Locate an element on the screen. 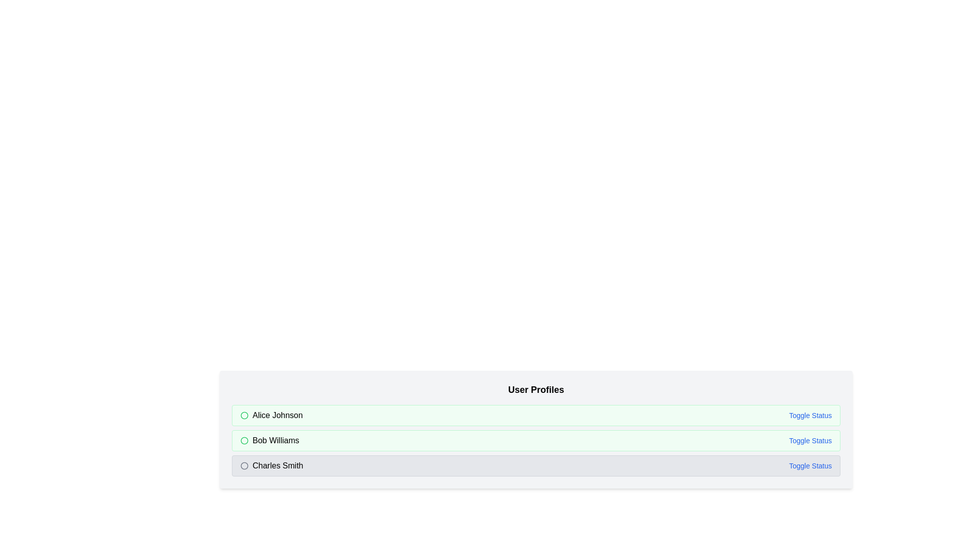 The height and width of the screenshot is (544, 968). the 'Toggle Status' text link, which is styled in blue with an underline effect and is located to the right of the 'Charles Smith' profile row is located at coordinates (810, 466).